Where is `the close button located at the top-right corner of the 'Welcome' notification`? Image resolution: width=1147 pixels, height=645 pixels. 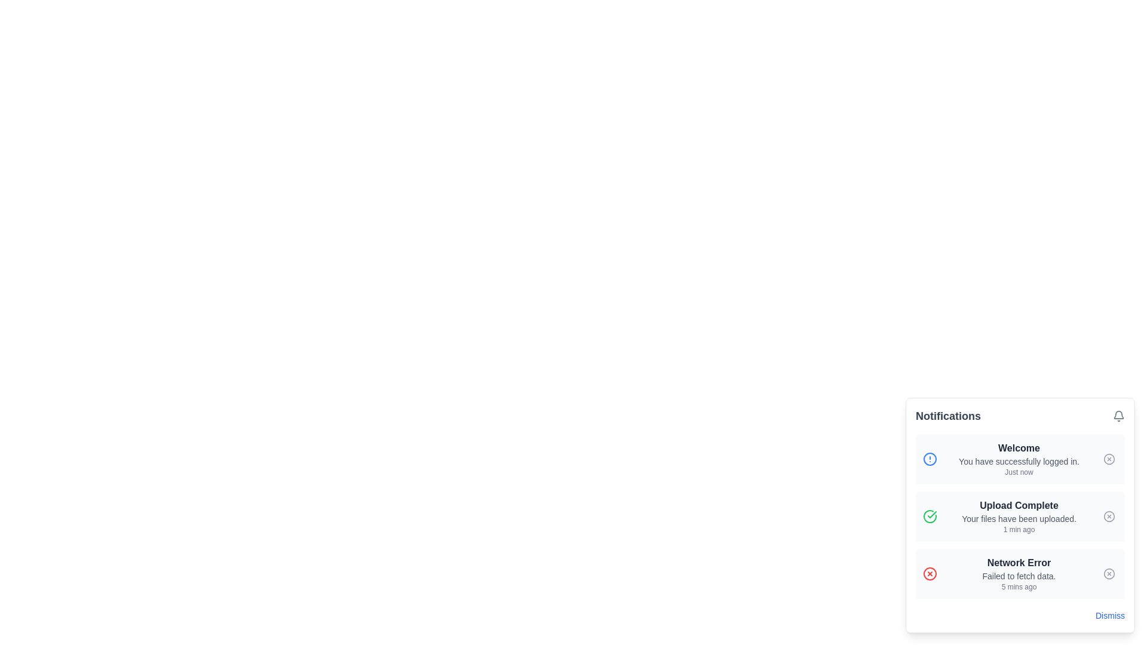
the close button located at the top-right corner of the 'Welcome' notification is located at coordinates (1109, 458).